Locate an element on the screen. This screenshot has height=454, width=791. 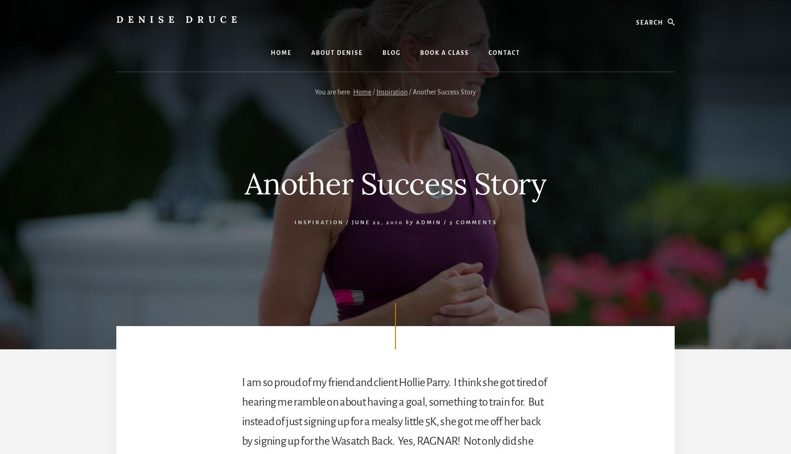
'Blog' is located at coordinates (391, 53).